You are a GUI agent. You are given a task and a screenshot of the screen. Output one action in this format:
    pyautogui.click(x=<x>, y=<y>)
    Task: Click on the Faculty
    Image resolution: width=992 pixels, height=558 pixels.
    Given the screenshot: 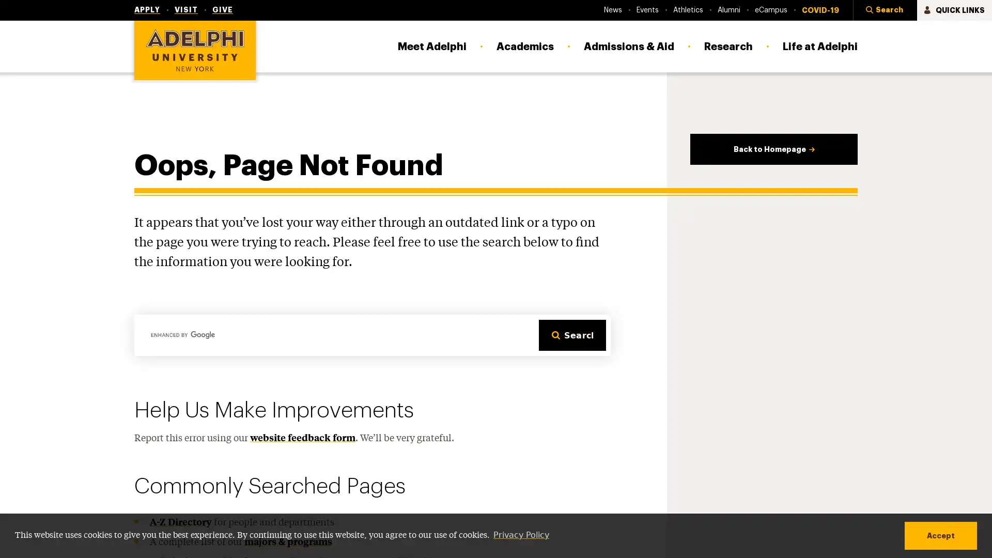 What is the action you would take?
    pyautogui.click(x=692, y=78)
    